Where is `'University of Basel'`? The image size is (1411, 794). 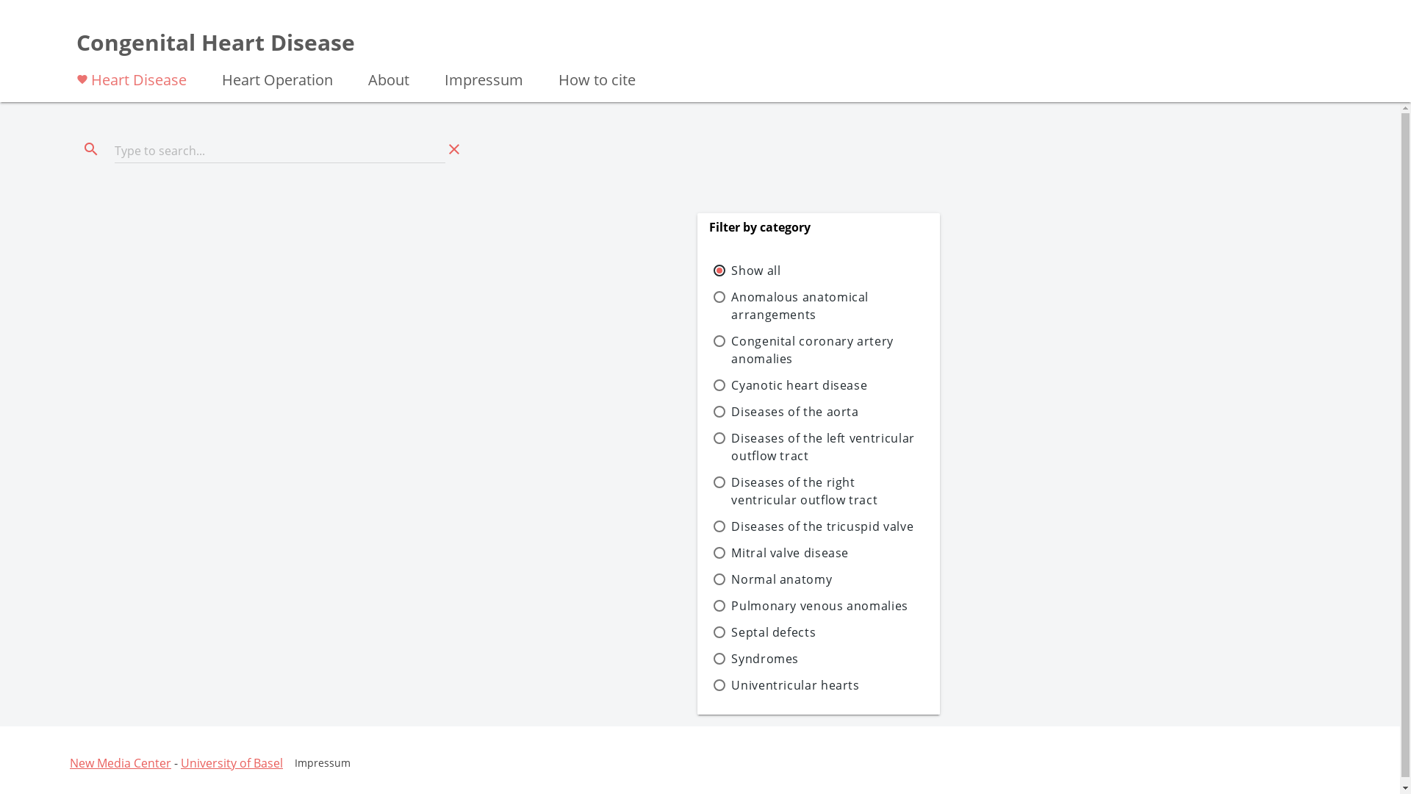
'University of Basel' is located at coordinates (231, 762).